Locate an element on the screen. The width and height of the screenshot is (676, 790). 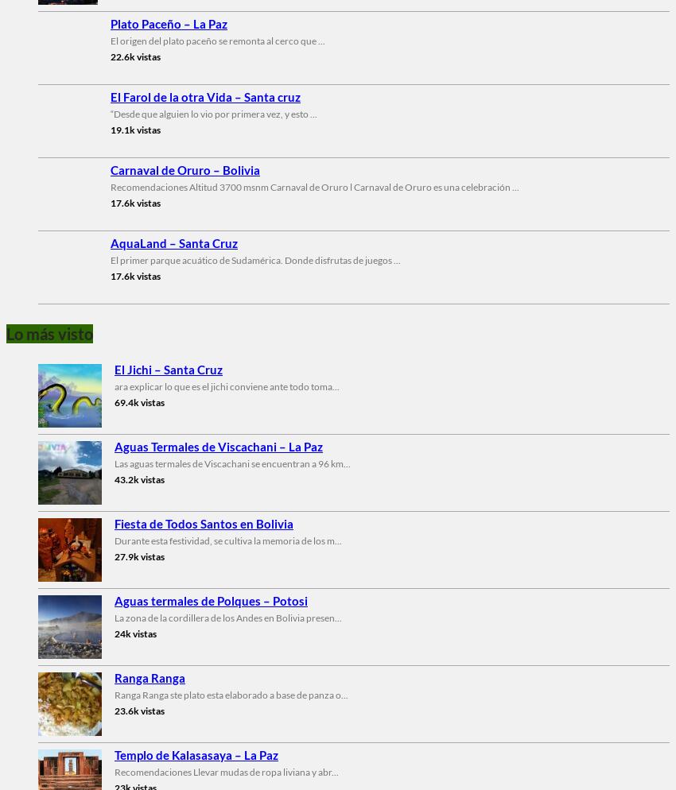
'Fiesta de Todos Santos en Bolivia' is located at coordinates (203, 523).